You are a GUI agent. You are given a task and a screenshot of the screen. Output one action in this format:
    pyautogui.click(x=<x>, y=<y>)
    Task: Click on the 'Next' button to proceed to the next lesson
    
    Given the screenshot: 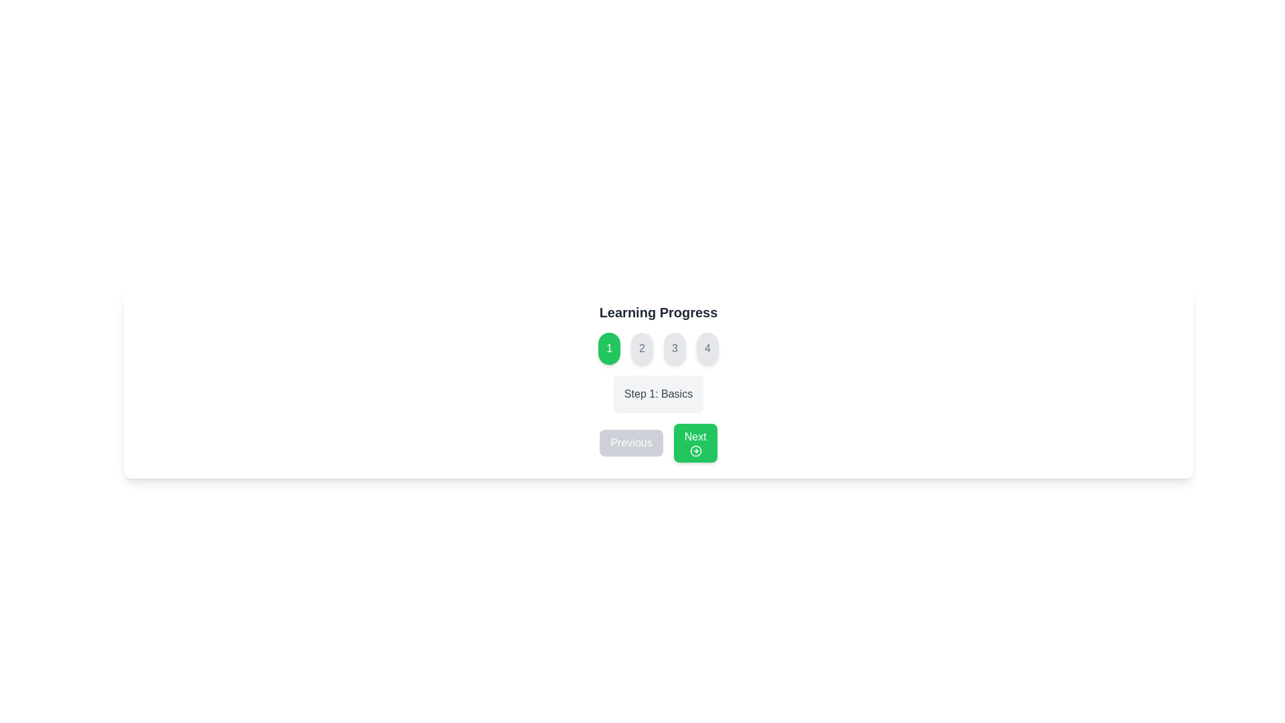 What is the action you would take?
    pyautogui.click(x=695, y=443)
    